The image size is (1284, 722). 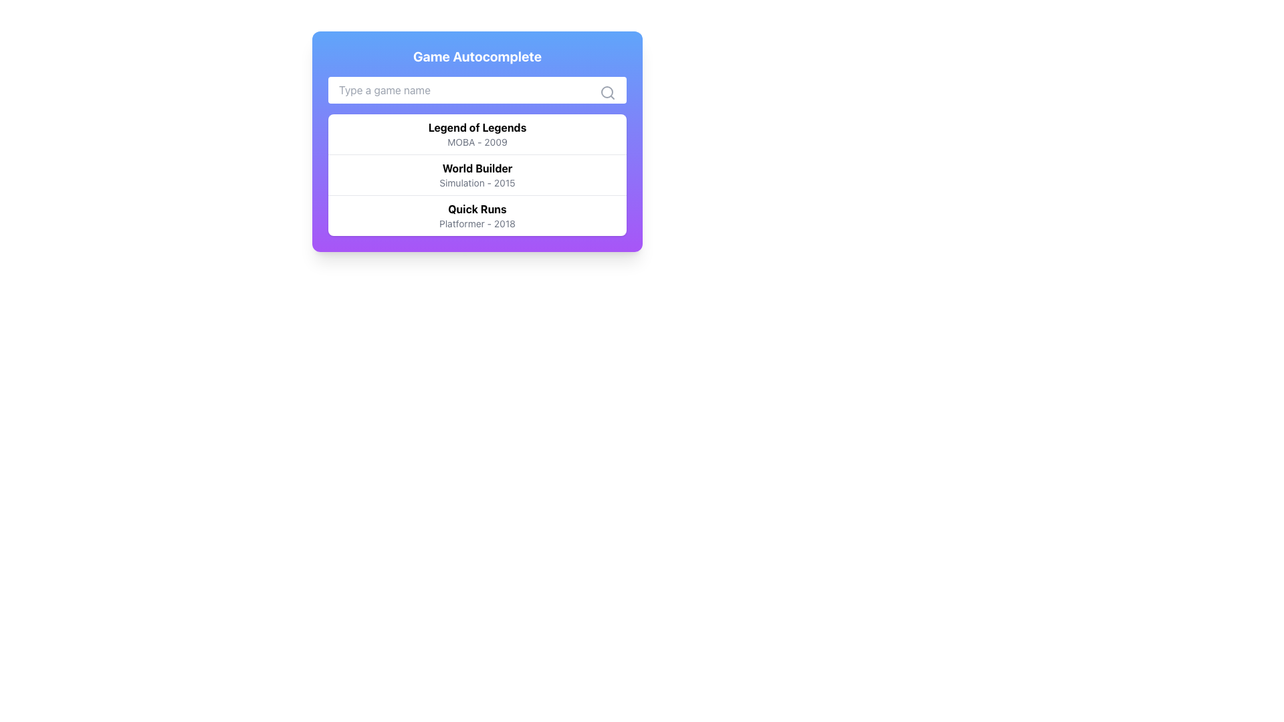 What do you see at coordinates (477, 215) in the screenshot?
I see `the list item labeled 'Quick Runs' which has a bold top line and a smaller gray bottom line` at bounding box center [477, 215].